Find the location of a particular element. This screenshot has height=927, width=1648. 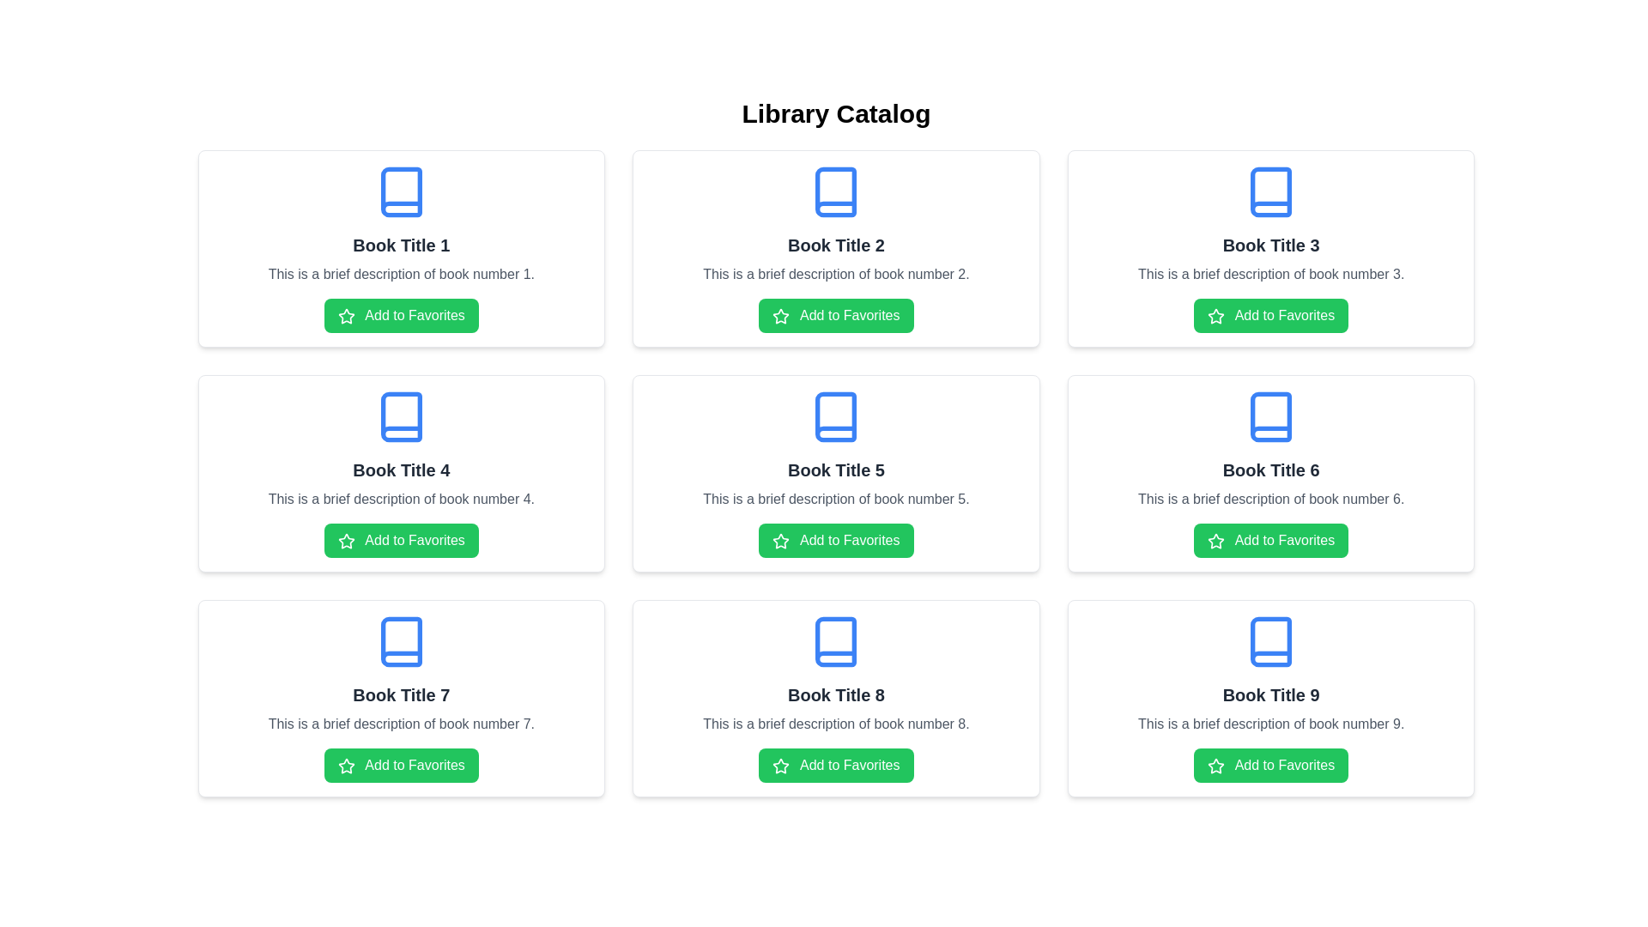

the book icon element located in the card labeled 'Book Title 4' in the second row, middle column of the grid layout is located at coordinates (400, 417).